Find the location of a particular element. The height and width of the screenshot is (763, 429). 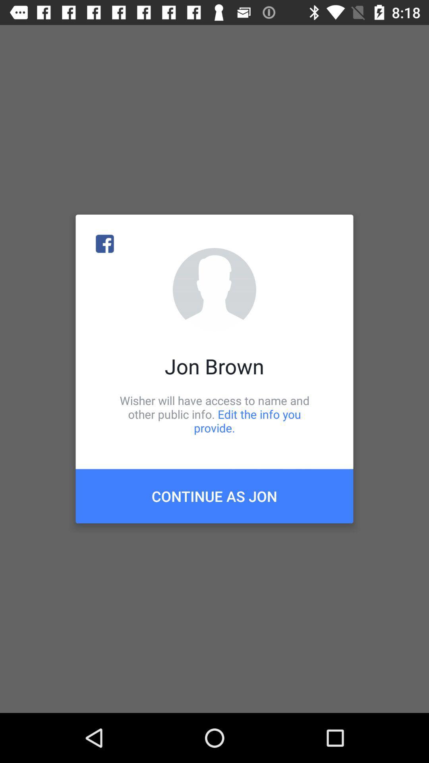

icon below wisher will have icon is located at coordinates (214, 496).